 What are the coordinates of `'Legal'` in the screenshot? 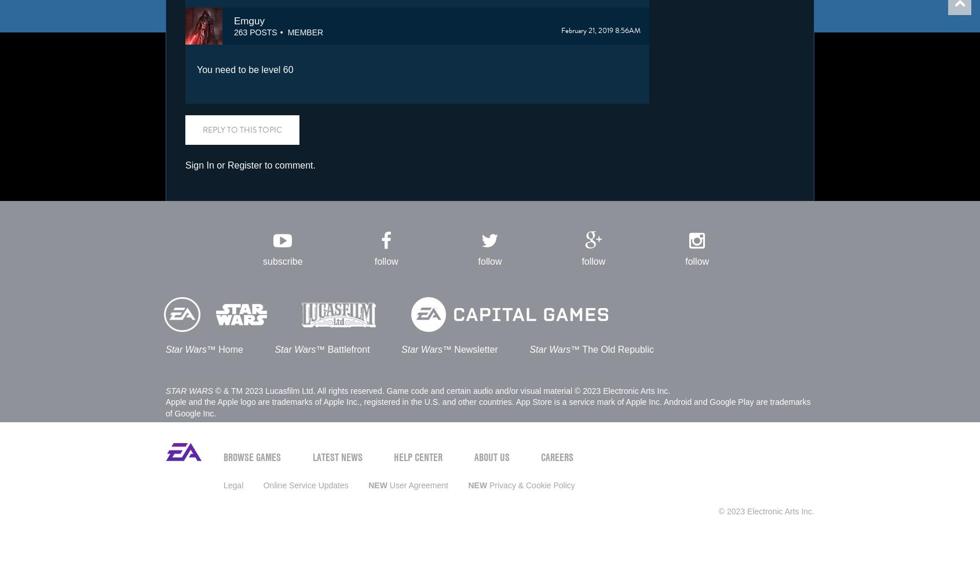 It's located at (223, 484).